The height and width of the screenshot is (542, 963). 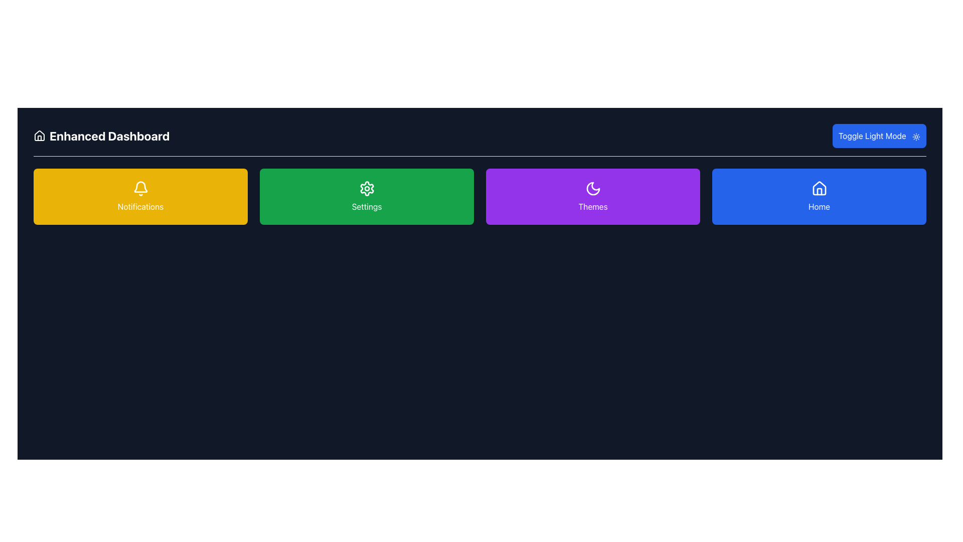 I want to click on the text label displaying 'Notifications' which is located within the yellow rectangular card below the bell icon, so click(x=140, y=206).